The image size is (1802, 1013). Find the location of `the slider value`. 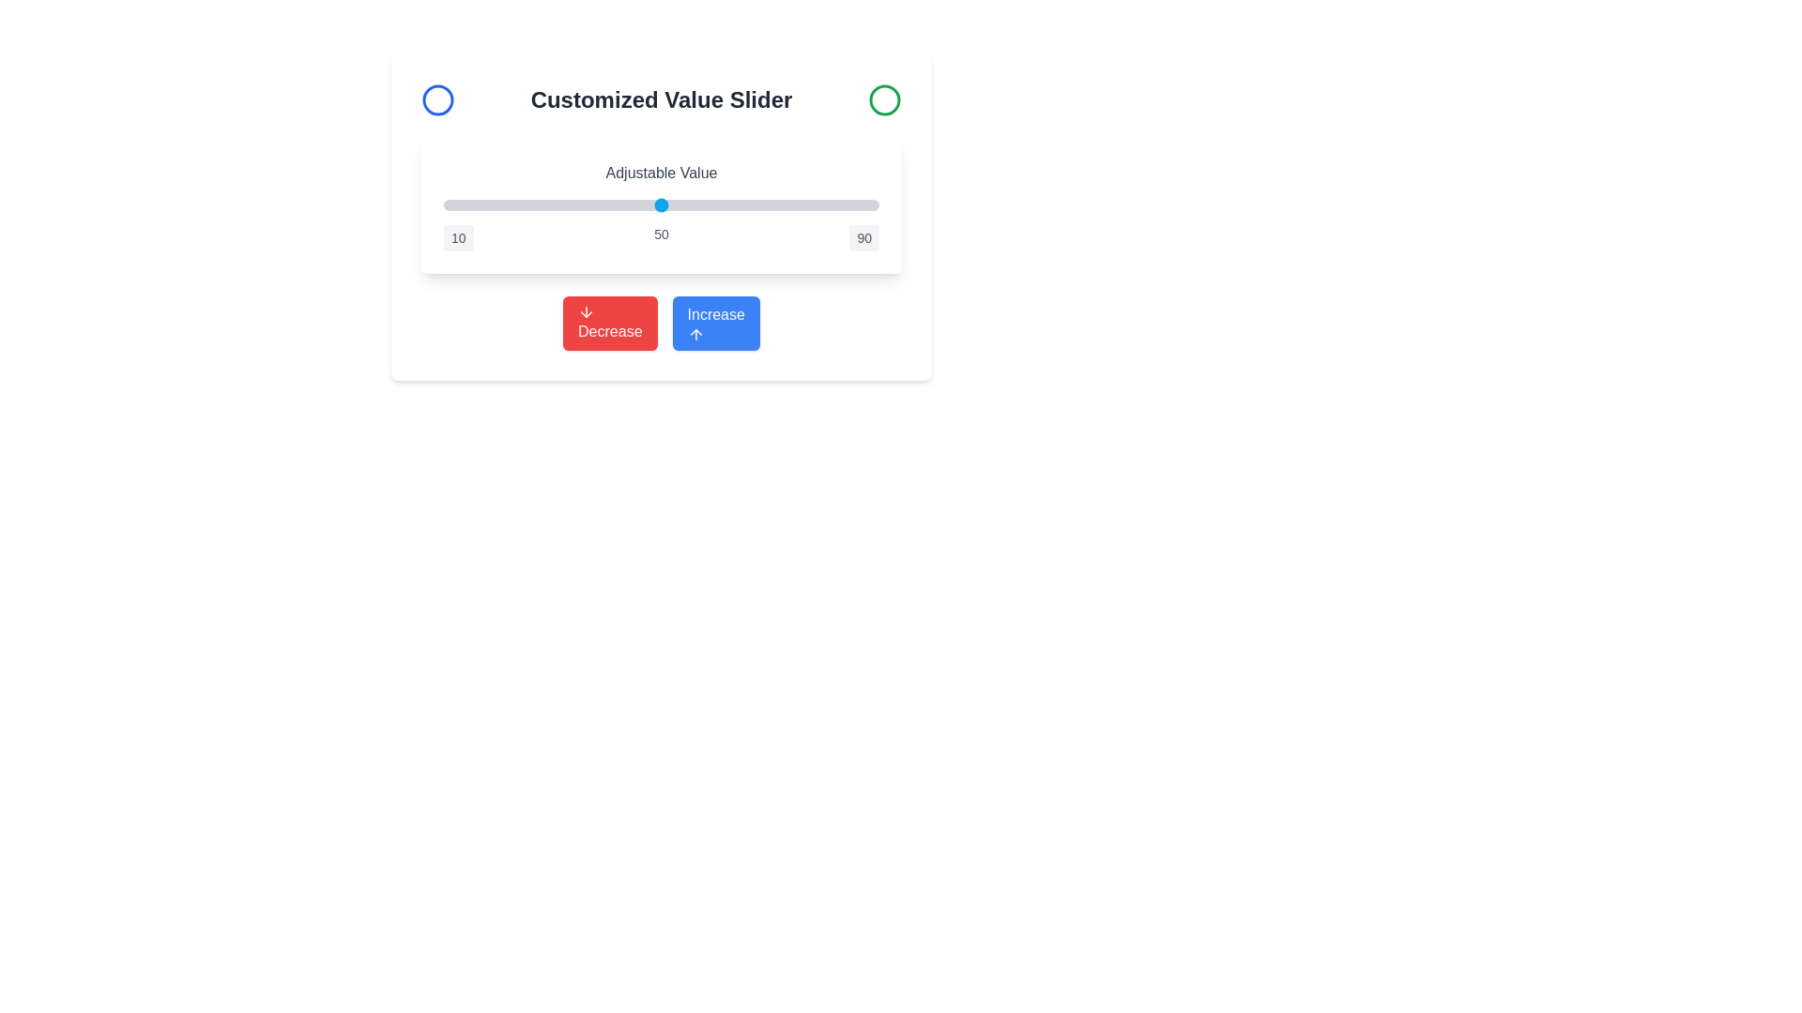

the slider value is located at coordinates (656, 205).